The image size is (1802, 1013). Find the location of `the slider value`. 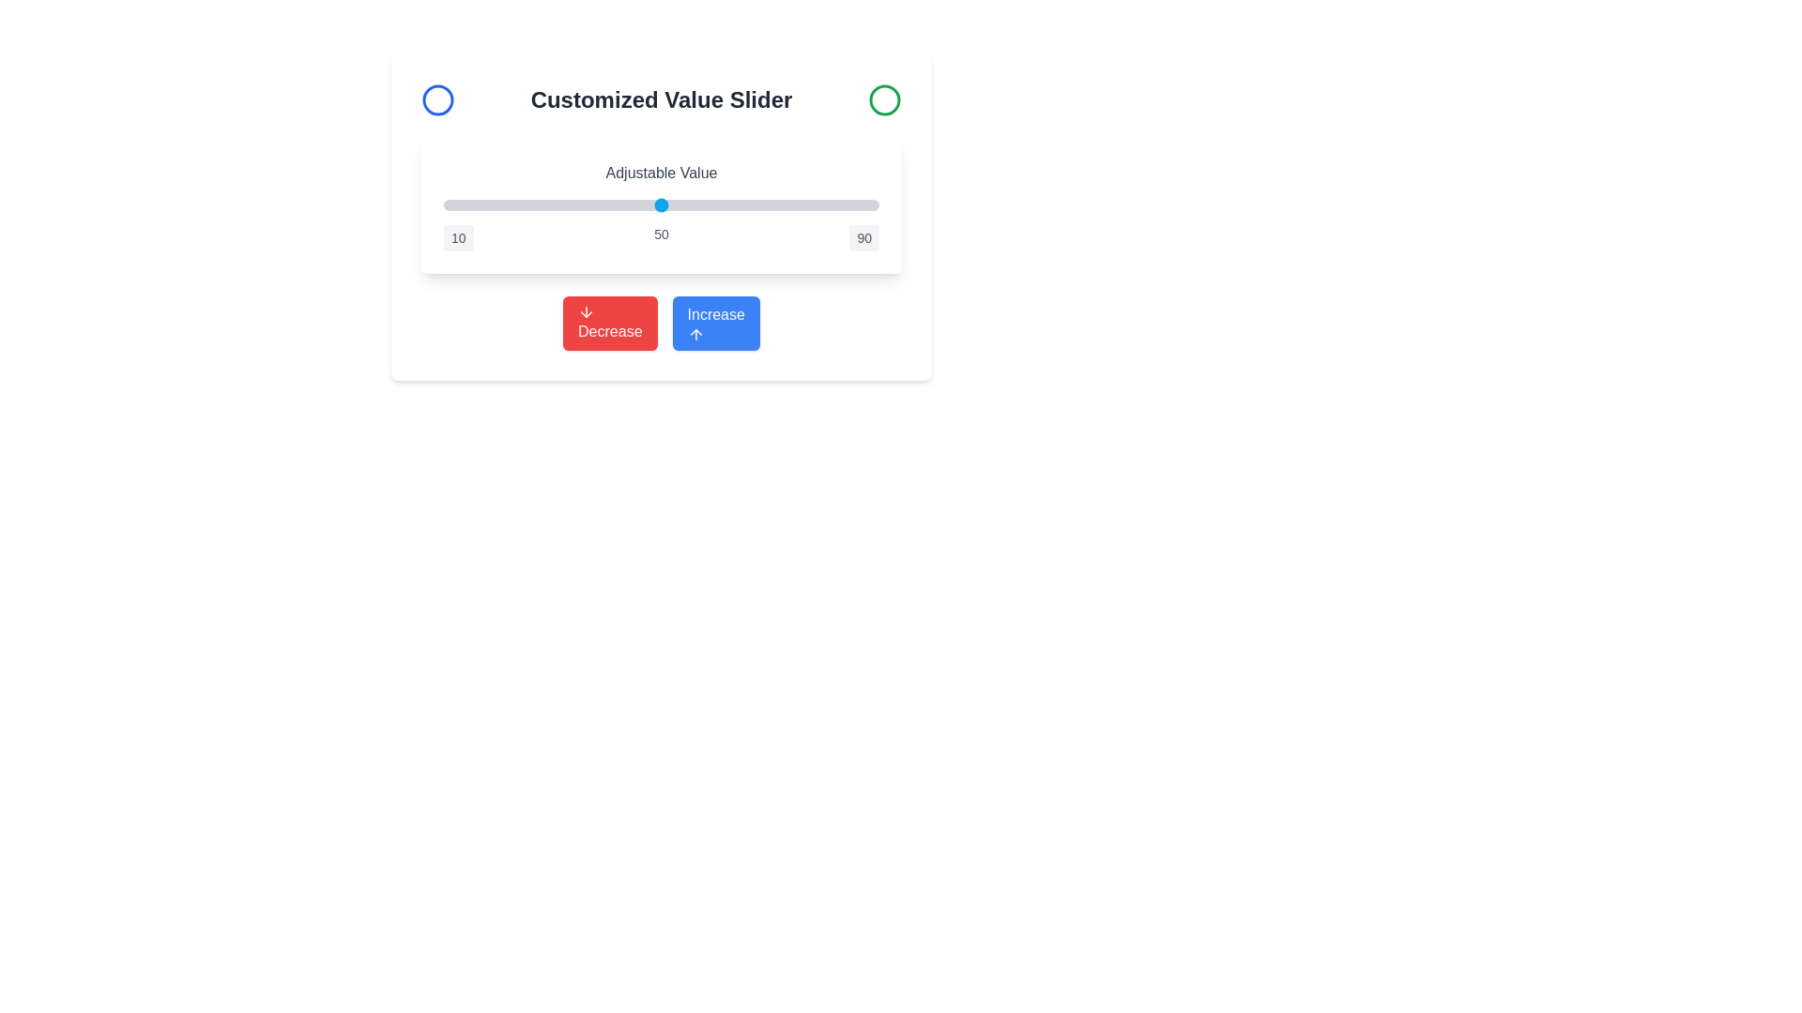

the slider value is located at coordinates (656, 205).